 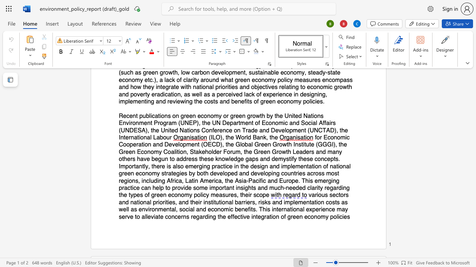 What do you see at coordinates (225, 181) in the screenshot?
I see `the 33th character "t" in the text` at bounding box center [225, 181].